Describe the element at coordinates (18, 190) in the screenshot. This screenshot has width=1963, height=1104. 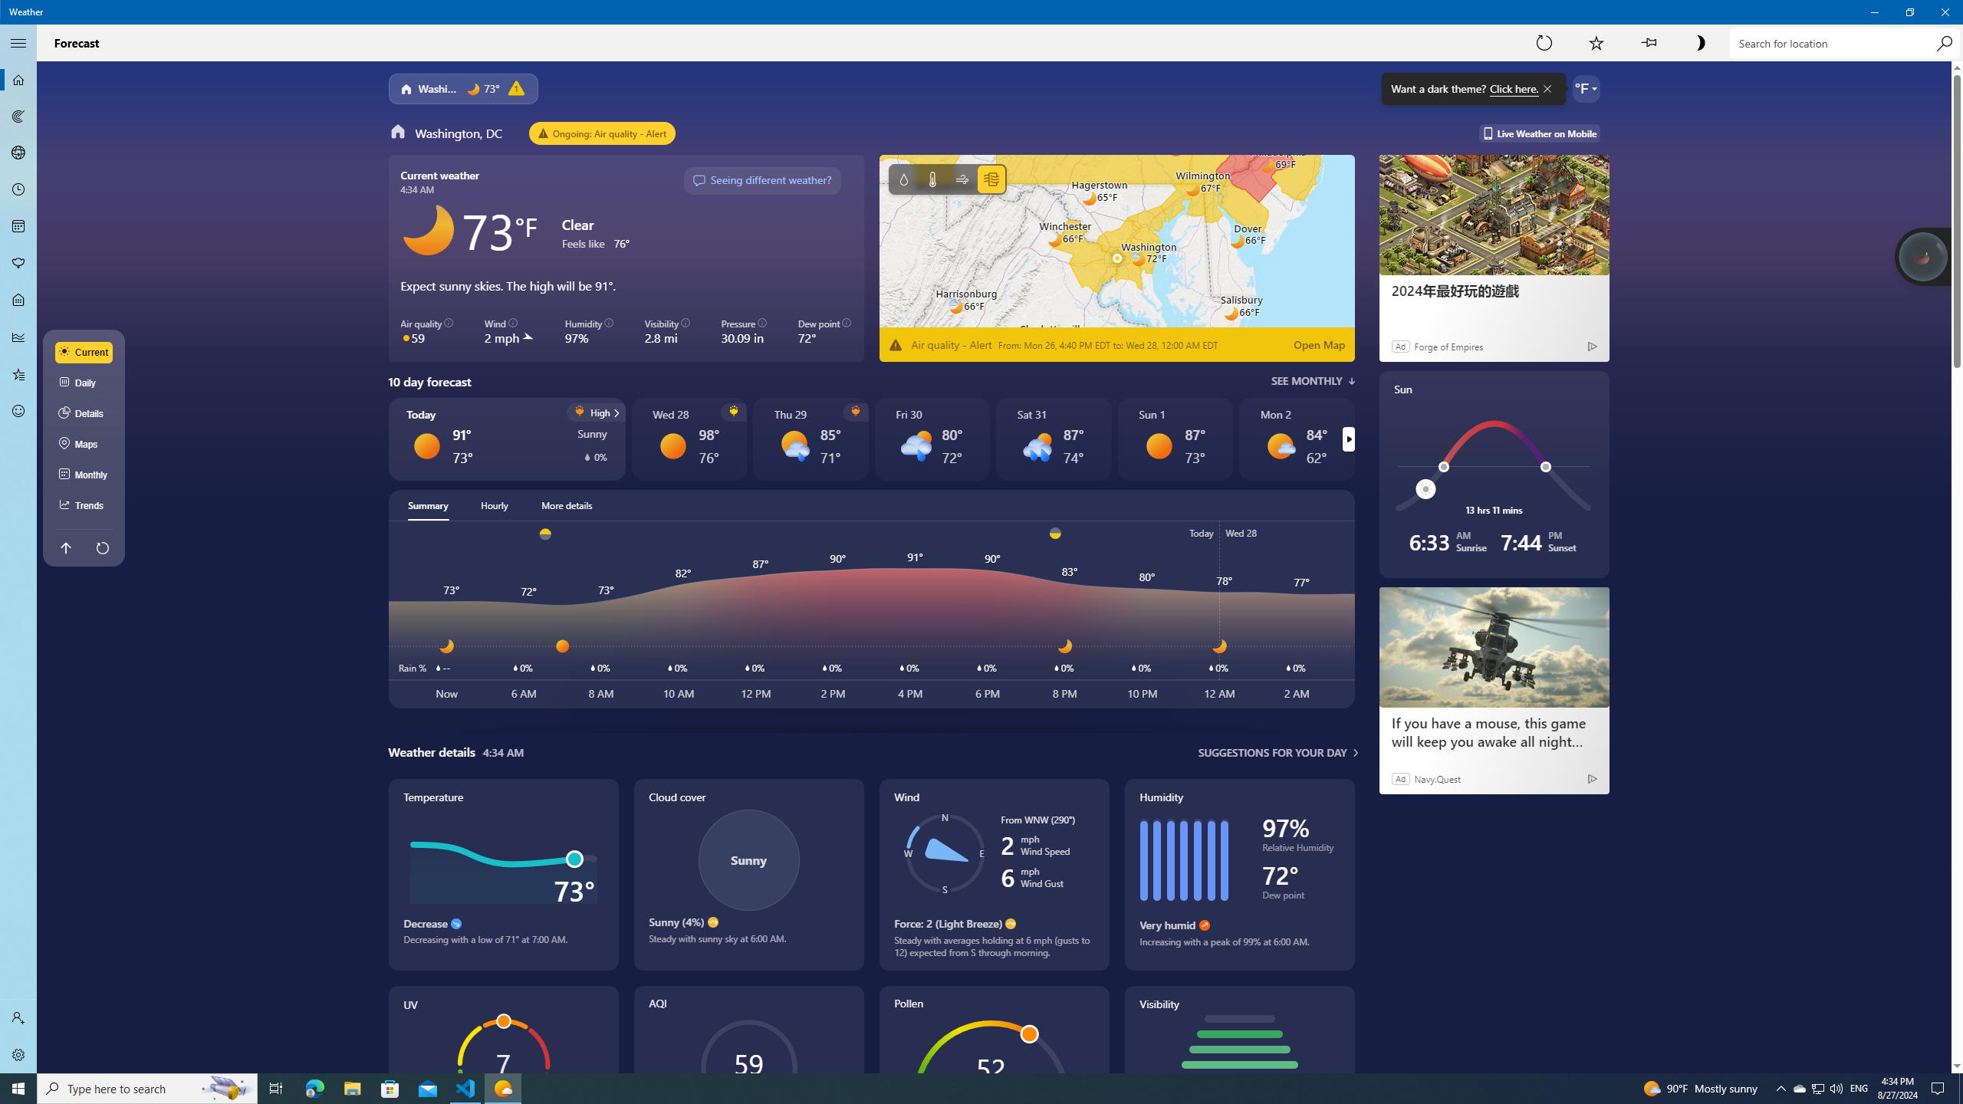
I see `'Hourly Forecast - Not Selected'` at that location.